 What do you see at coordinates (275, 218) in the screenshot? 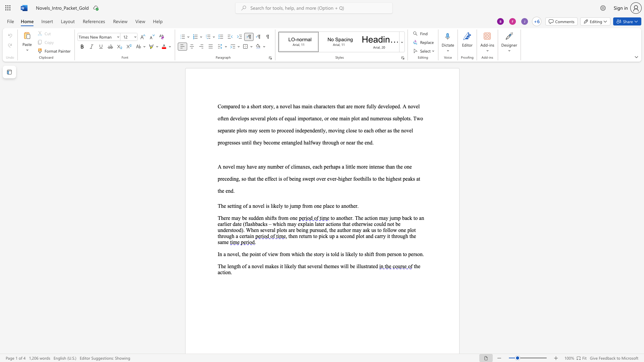
I see `the space between the continuous character "t" and "s" in the text` at bounding box center [275, 218].